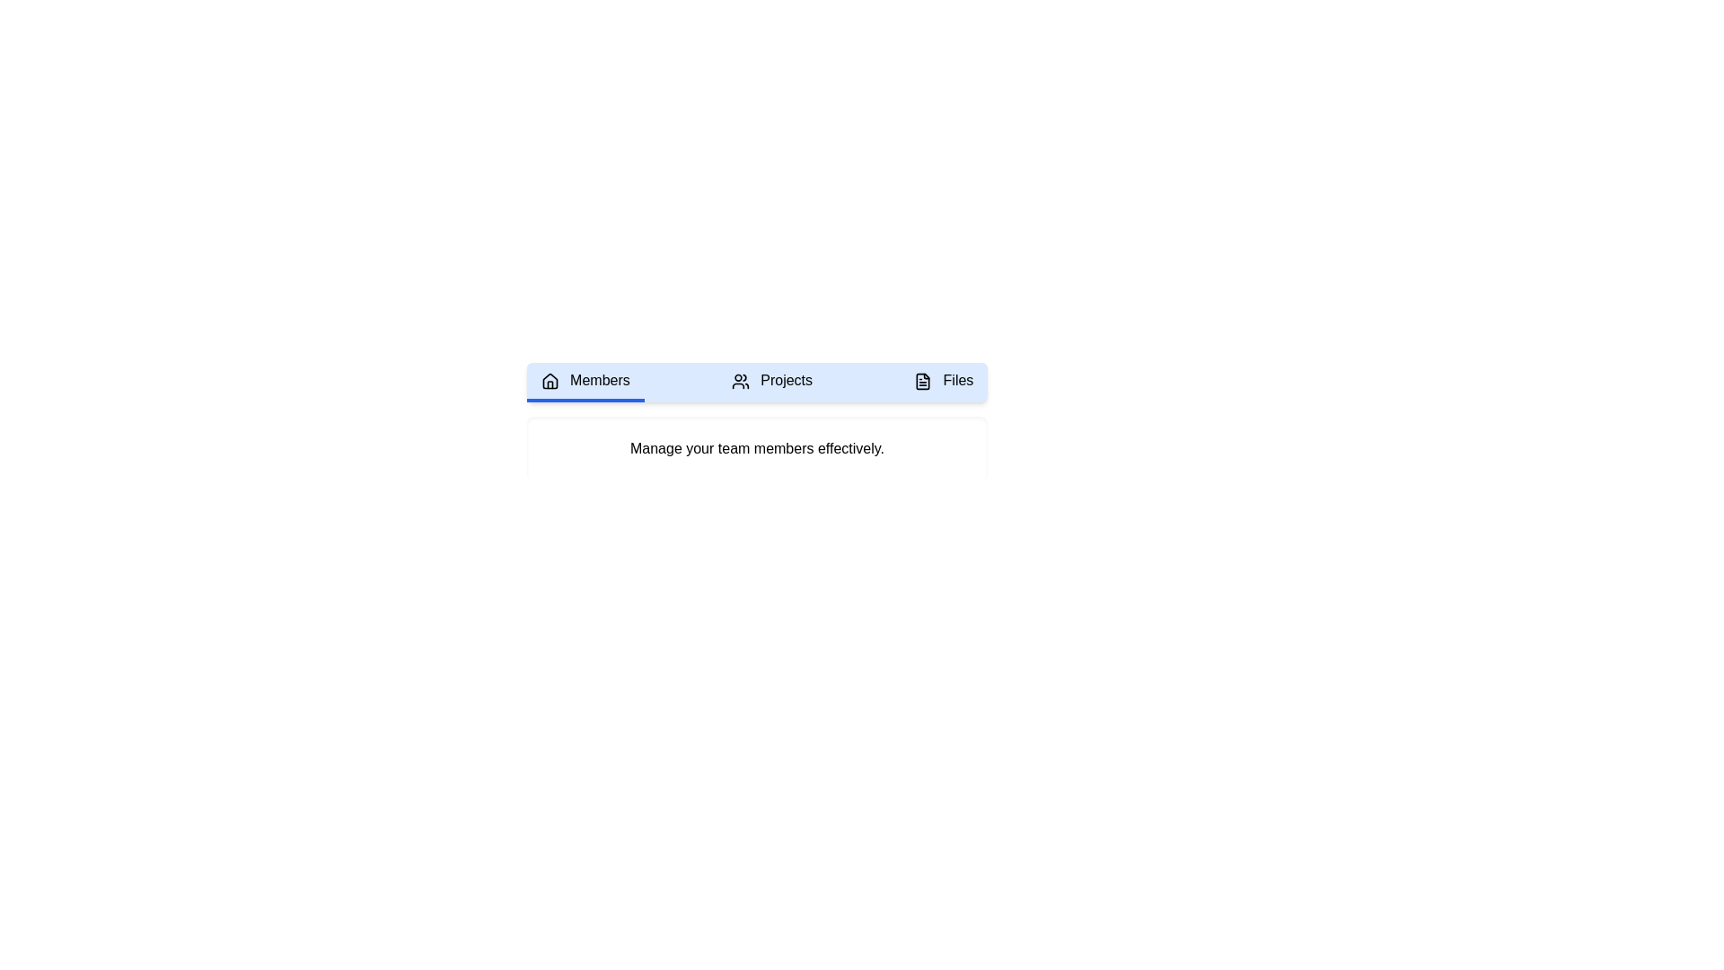  Describe the element at coordinates (923, 380) in the screenshot. I see `the small file document icon with a black outline located to the left of the 'Files' text label in the 'Files' tab section` at that location.